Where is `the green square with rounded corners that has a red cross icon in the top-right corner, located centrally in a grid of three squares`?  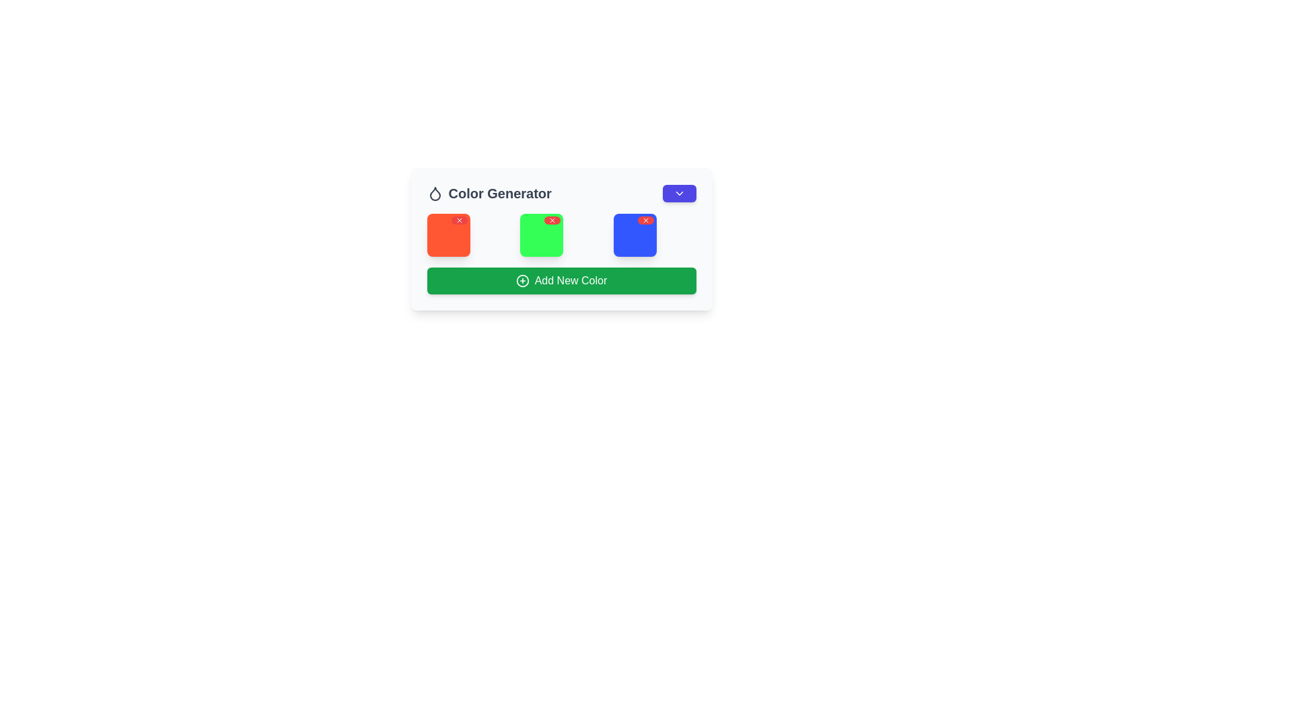
the green square with rounded corners that has a red cross icon in the top-right corner, located centrally in a grid of three squares is located at coordinates (561, 235).